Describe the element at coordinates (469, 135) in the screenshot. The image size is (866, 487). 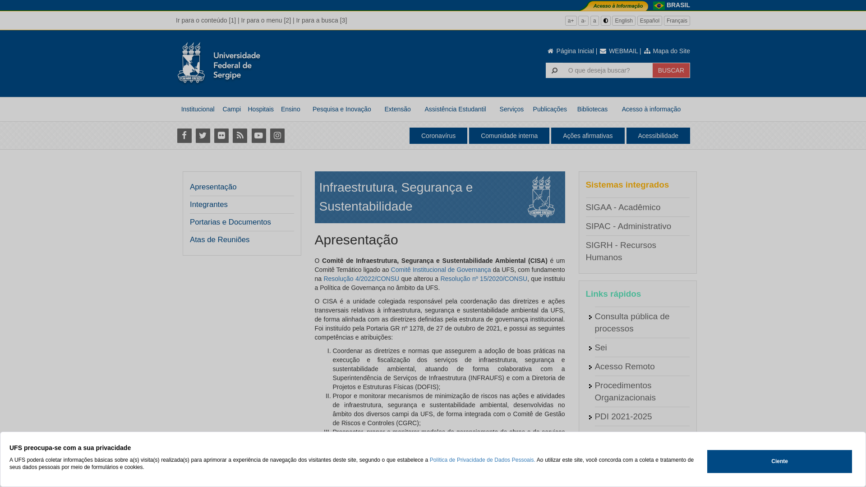
I see `'Comunidade interna'` at that location.